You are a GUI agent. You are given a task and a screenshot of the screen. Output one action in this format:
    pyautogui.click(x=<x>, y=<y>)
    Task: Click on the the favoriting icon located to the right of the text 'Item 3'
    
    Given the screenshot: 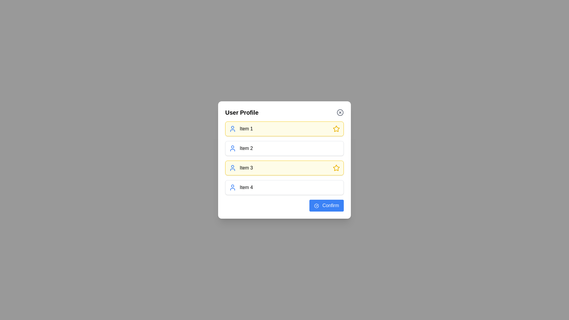 What is the action you would take?
    pyautogui.click(x=336, y=168)
    